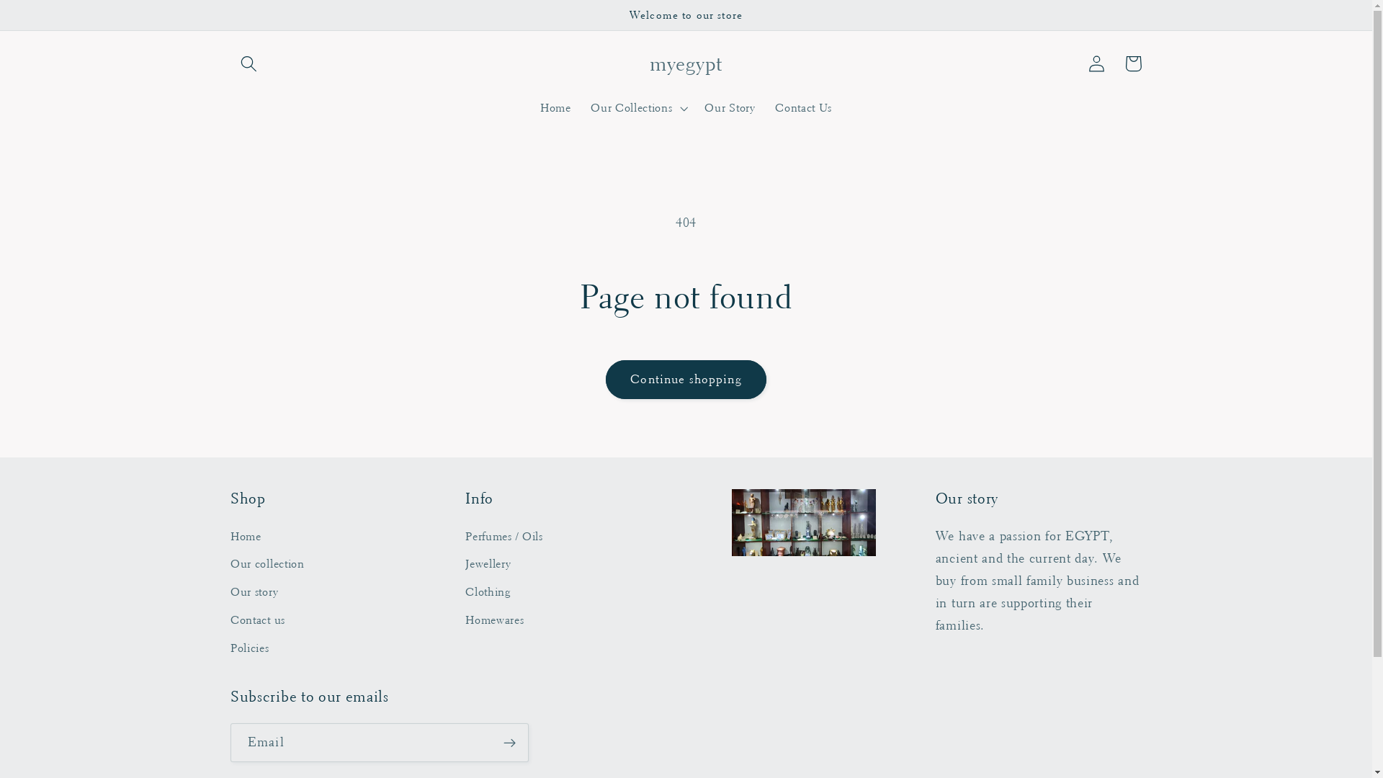  Describe the element at coordinates (503, 539) in the screenshot. I see `'Perfumes / Oils'` at that location.